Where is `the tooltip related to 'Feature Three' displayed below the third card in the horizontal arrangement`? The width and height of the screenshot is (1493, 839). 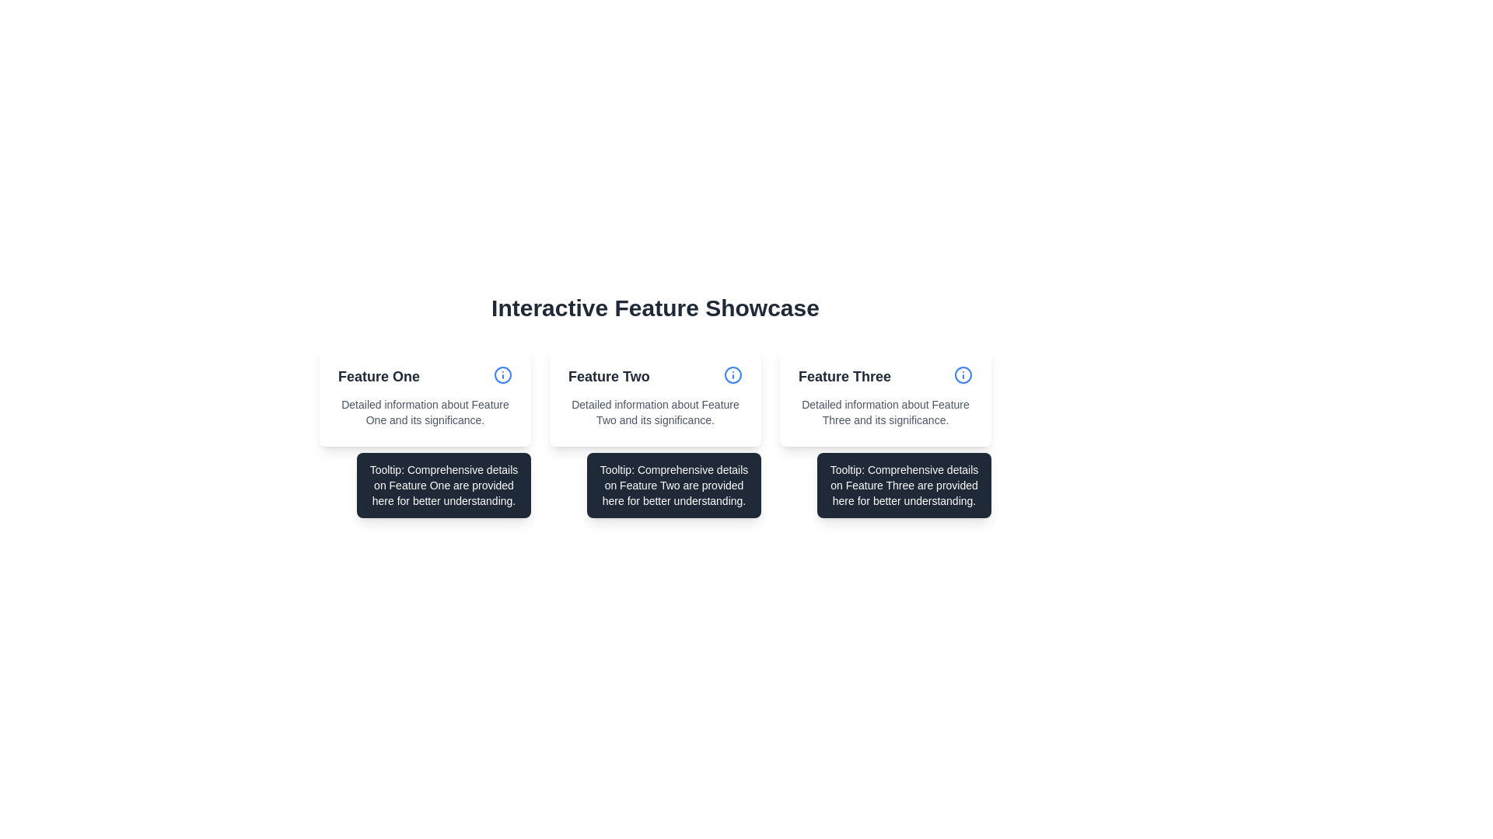 the tooltip related to 'Feature Three' displayed below the third card in the horizontal arrangement is located at coordinates (904, 484).